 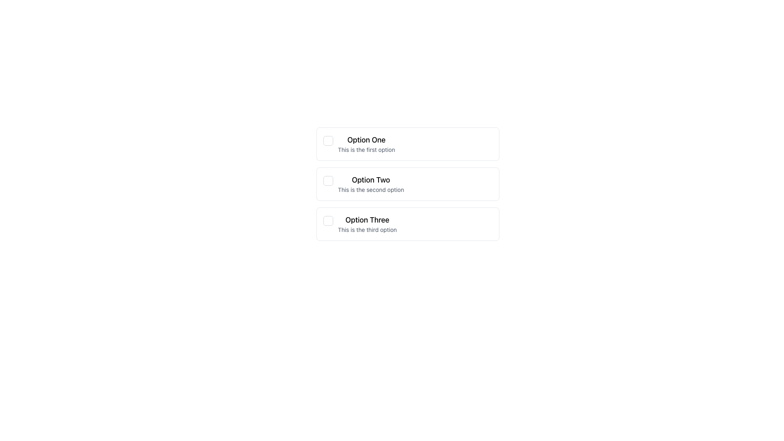 What do you see at coordinates (366, 149) in the screenshot?
I see `the descriptive text label located directly below 'Option One', which provides additional context but is not interactive` at bounding box center [366, 149].